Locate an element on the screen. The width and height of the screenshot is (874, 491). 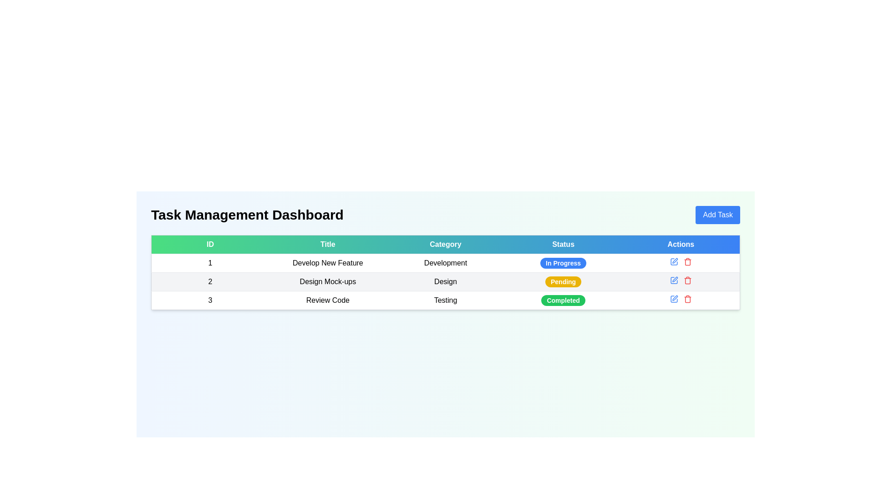
the Text label indicating the 'Review Code' category, located in the third row of the table under the 'Category' column is located at coordinates (446, 300).